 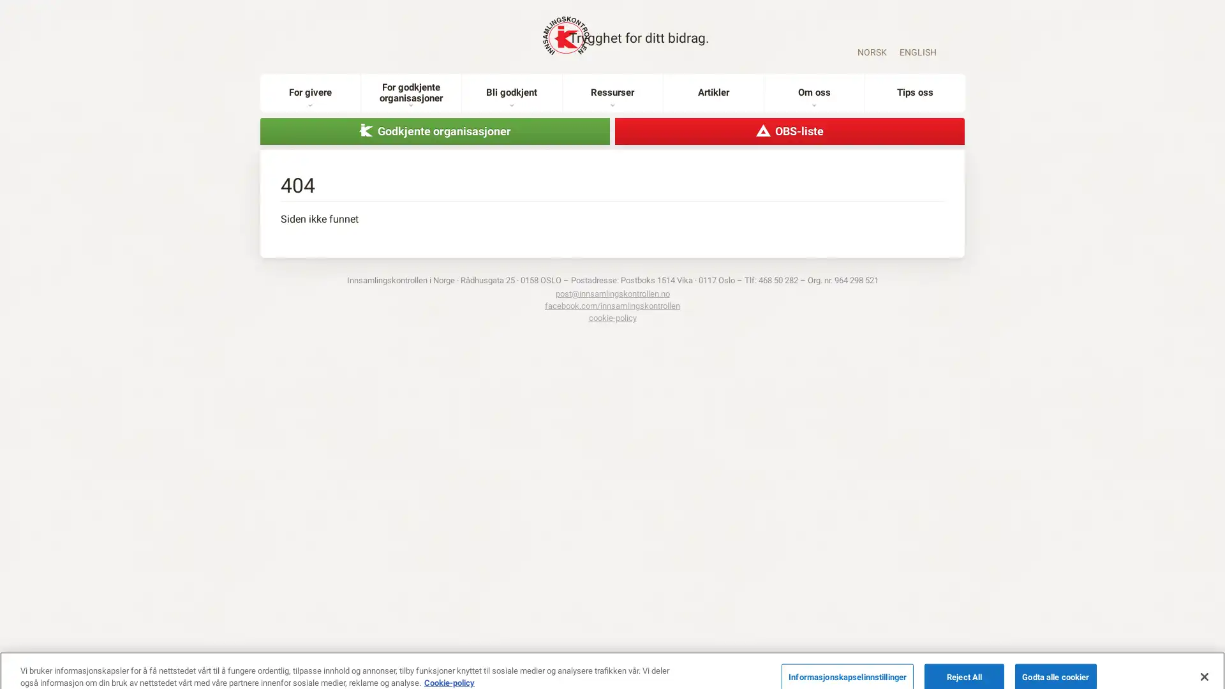 What do you see at coordinates (1055, 661) in the screenshot?
I see `Godta alle cookier` at bounding box center [1055, 661].